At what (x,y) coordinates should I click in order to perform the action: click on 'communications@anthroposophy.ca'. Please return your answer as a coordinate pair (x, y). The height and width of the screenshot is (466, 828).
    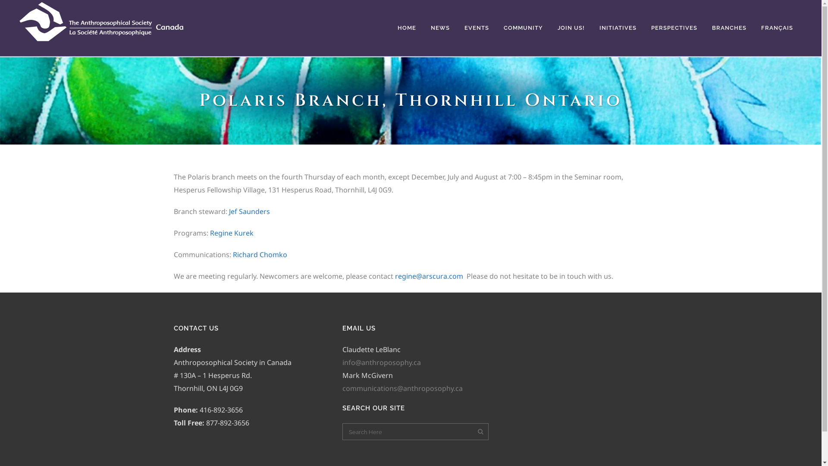
    Looking at the image, I should click on (402, 387).